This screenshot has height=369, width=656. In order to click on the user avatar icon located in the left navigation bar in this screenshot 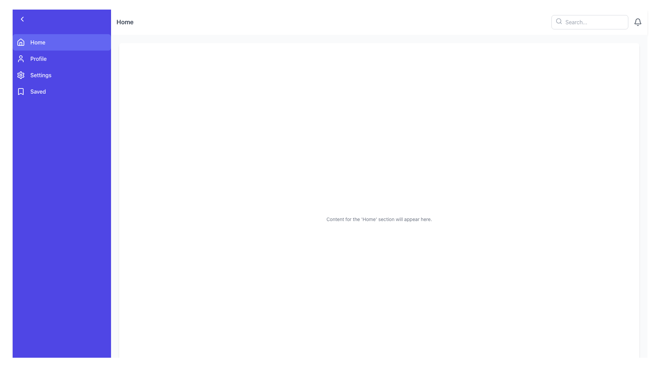, I will do `click(21, 58)`.